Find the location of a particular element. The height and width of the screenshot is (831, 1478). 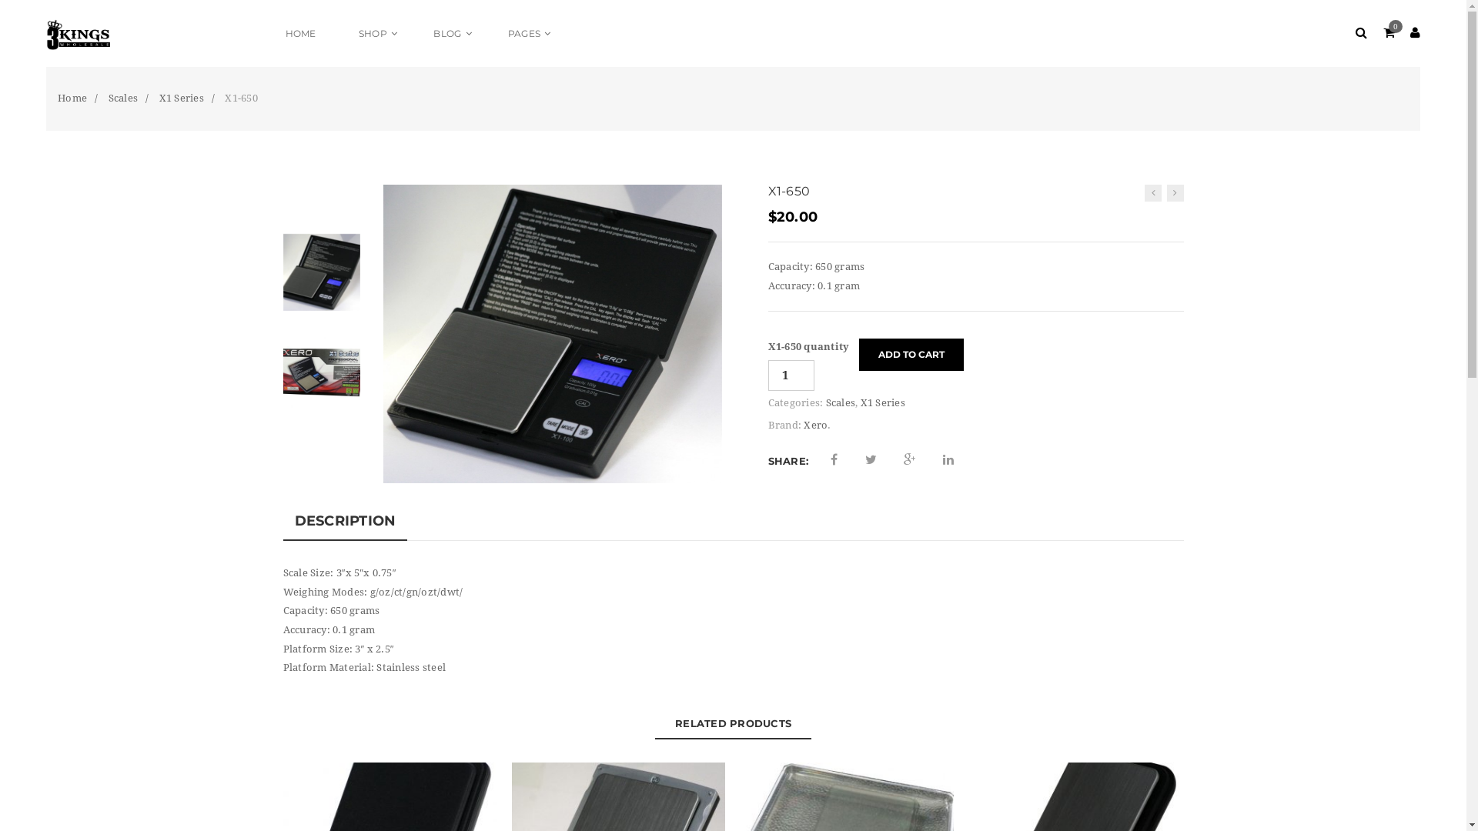

'Share on Twitter' is located at coordinates (871, 459).